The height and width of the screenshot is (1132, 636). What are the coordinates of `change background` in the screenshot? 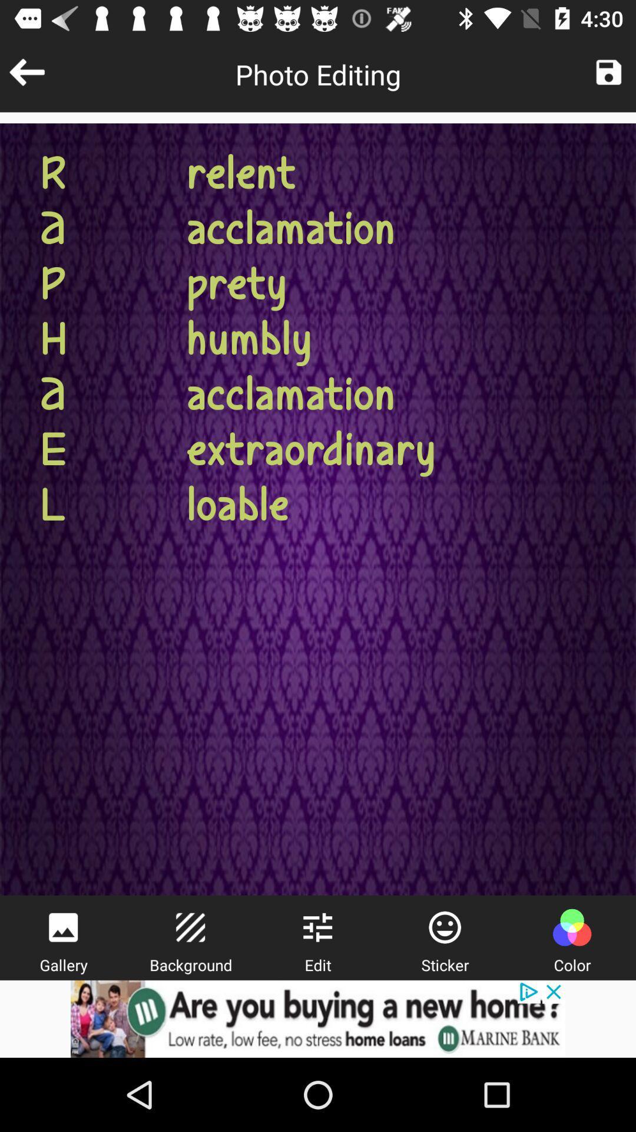 It's located at (190, 927).